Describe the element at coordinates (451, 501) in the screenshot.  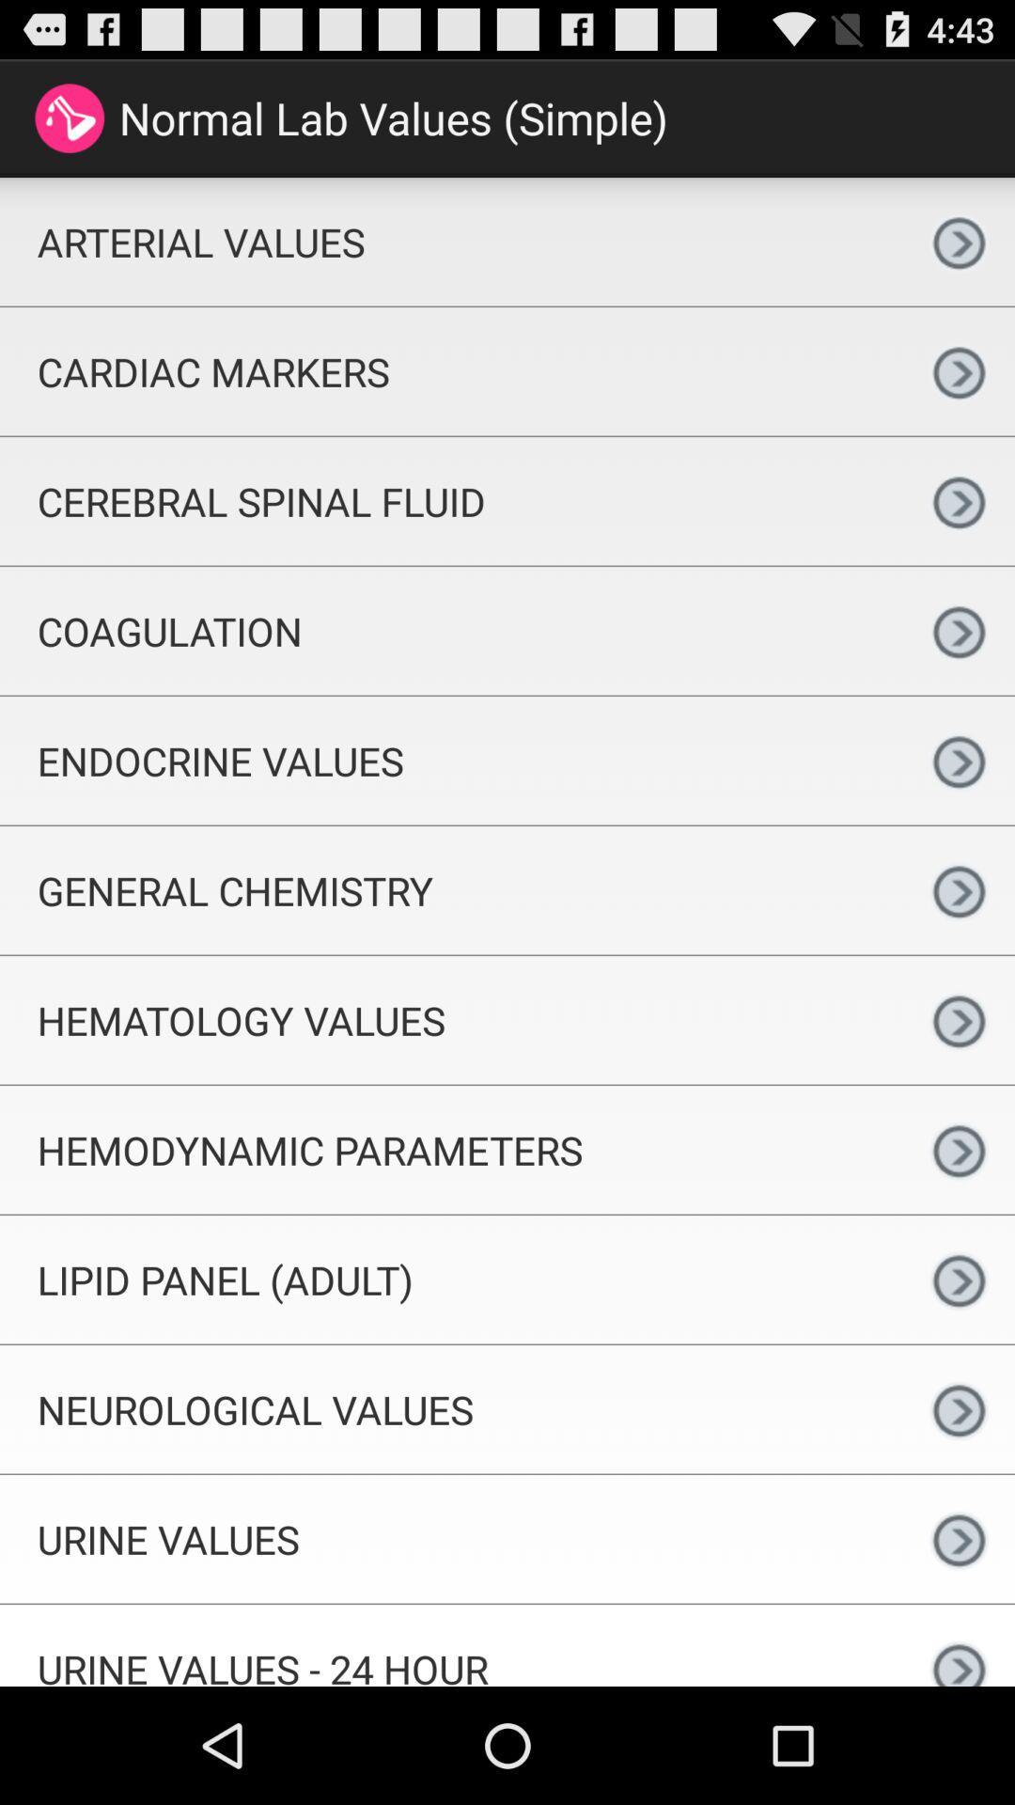
I see `the cerebral spinal fluid` at that location.